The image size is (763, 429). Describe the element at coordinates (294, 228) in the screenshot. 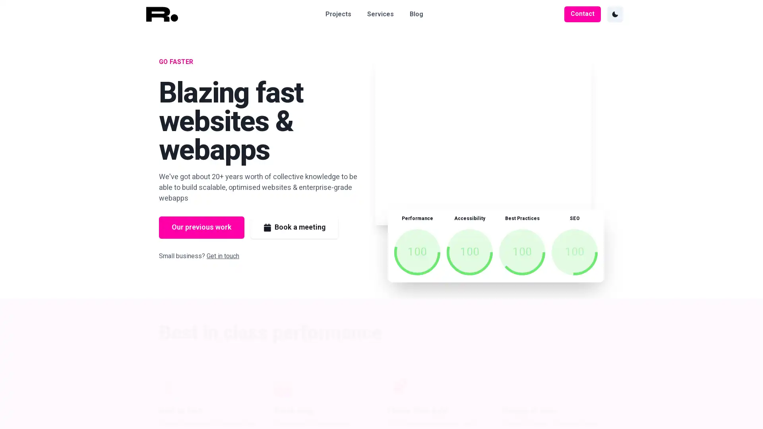

I see `Book a meeting` at that location.